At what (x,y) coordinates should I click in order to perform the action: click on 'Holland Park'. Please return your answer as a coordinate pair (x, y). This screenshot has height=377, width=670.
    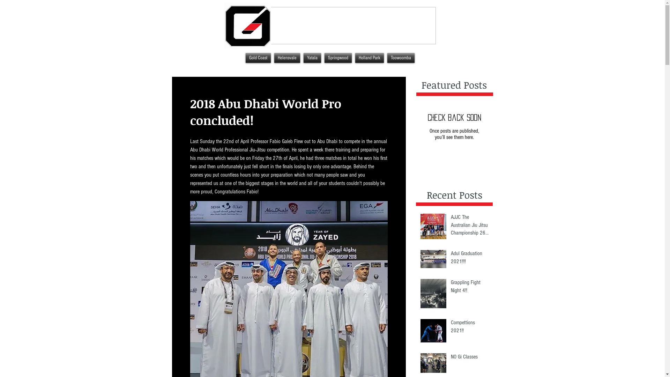
    Looking at the image, I should click on (368, 57).